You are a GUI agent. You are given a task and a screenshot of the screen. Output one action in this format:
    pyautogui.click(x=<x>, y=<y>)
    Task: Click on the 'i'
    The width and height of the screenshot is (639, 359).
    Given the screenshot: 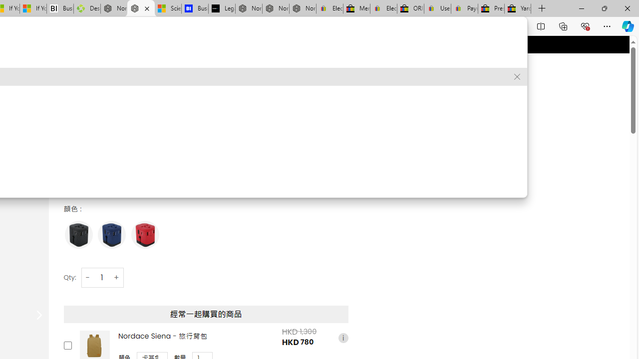 What is the action you would take?
    pyautogui.click(x=343, y=337)
    